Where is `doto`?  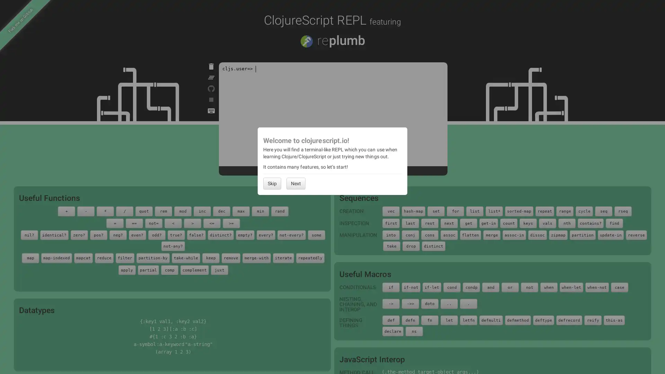 doto is located at coordinates (429, 303).